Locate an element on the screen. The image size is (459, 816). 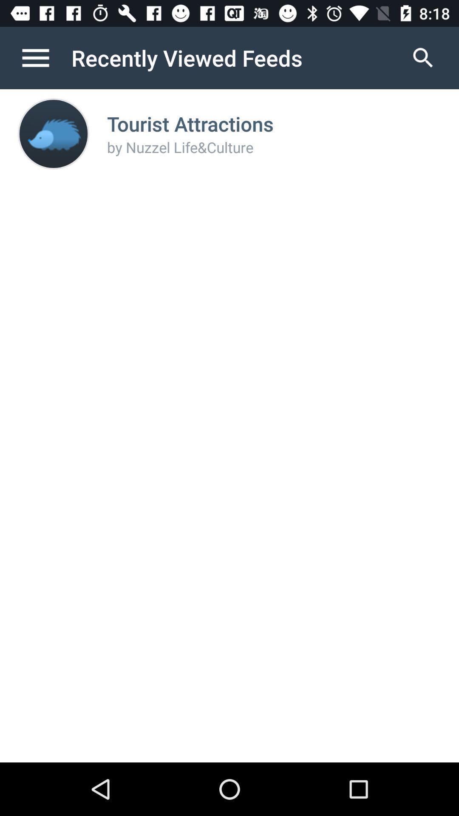
the icon to the left of recently viewed feeds item is located at coordinates (44, 57).